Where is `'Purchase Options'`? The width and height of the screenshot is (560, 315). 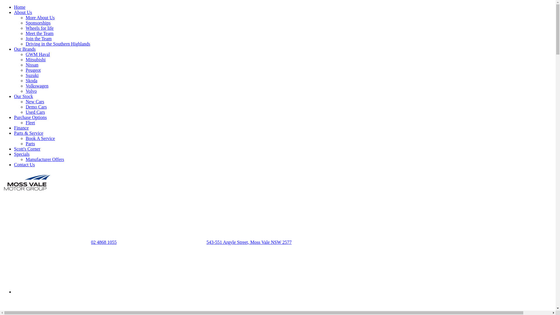 'Purchase Options' is located at coordinates (30, 117).